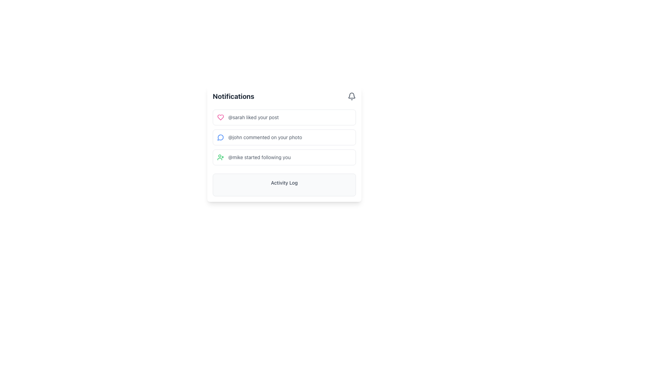  I want to click on the clickable notification entry that notifies the user of a comment made by @john on their photo, so click(284, 137).